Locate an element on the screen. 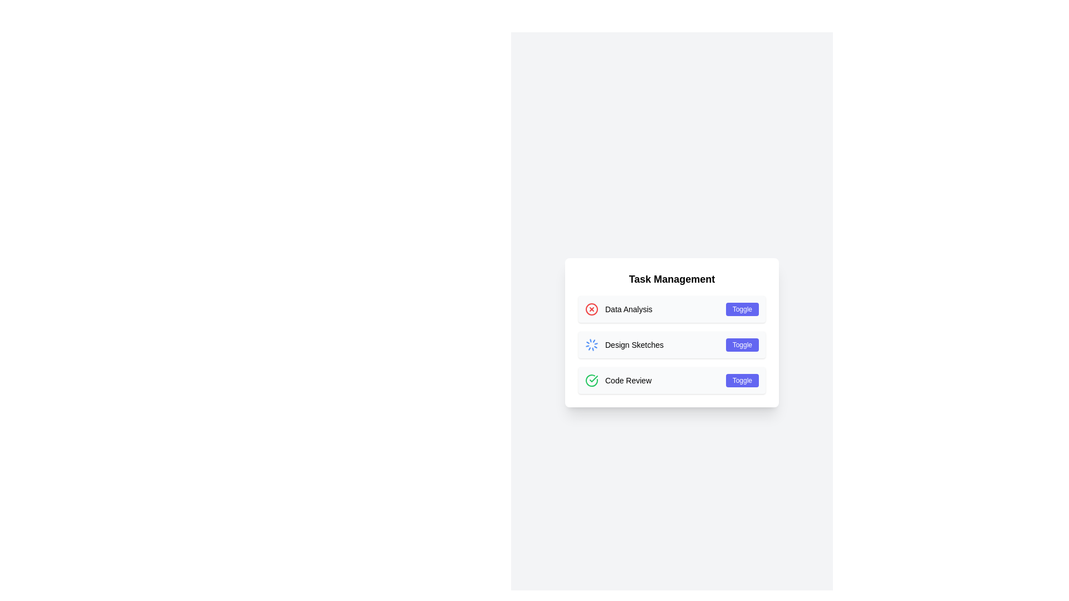 The width and height of the screenshot is (1069, 601). the Text Label indicating the title or name of a task in the task management system, located to the right of the green check icon under the 'Task Management' header is located at coordinates (628, 380).